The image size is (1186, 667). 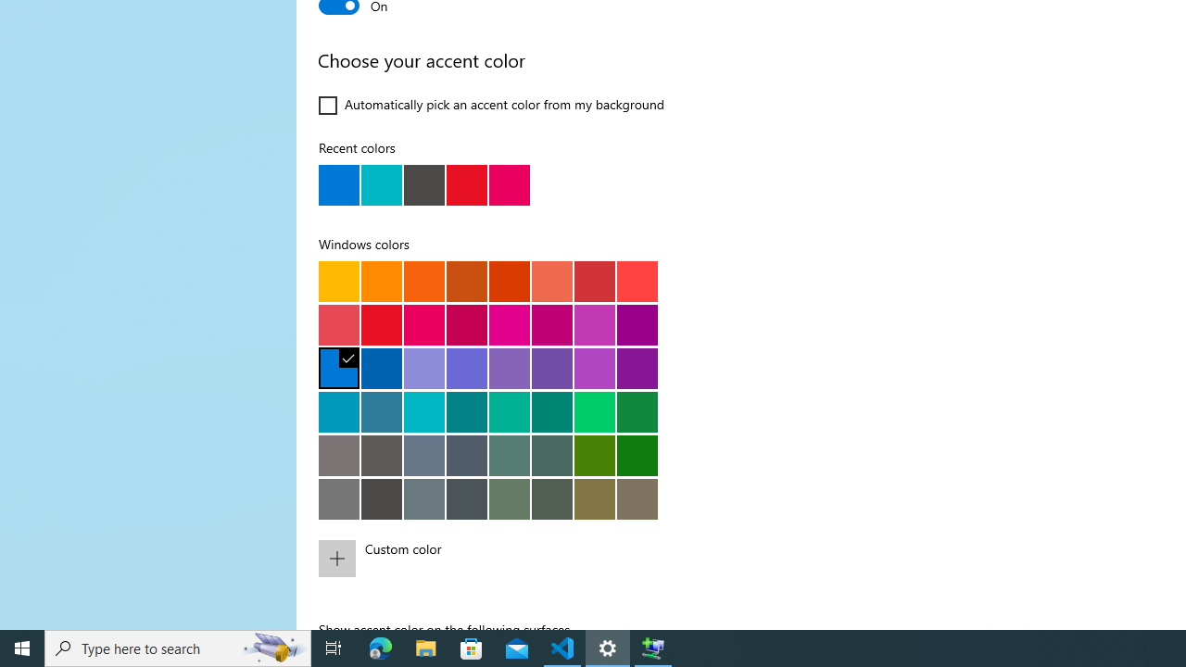 What do you see at coordinates (509, 281) in the screenshot?
I see `'Rust'` at bounding box center [509, 281].